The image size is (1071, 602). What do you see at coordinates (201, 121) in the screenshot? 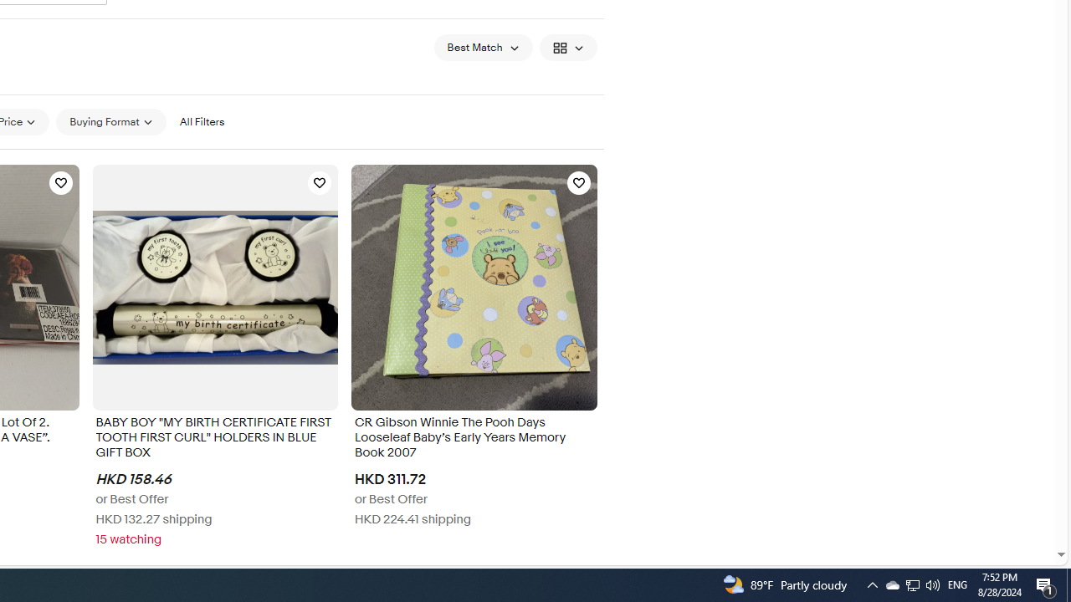
I see `'All Filters'` at bounding box center [201, 121].